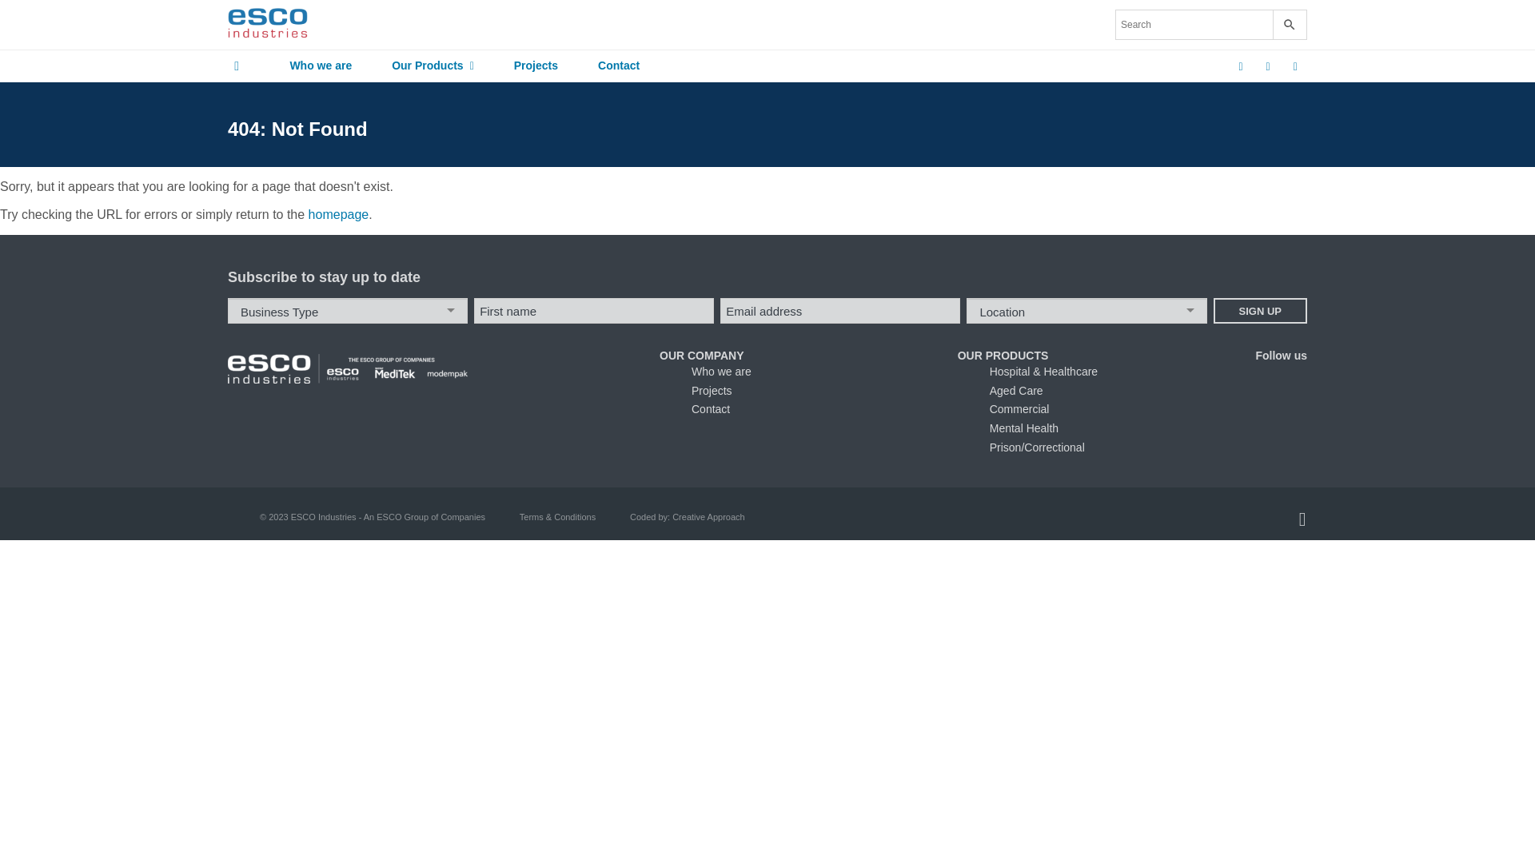  Describe the element at coordinates (536, 66) in the screenshot. I see `'Projects'` at that location.